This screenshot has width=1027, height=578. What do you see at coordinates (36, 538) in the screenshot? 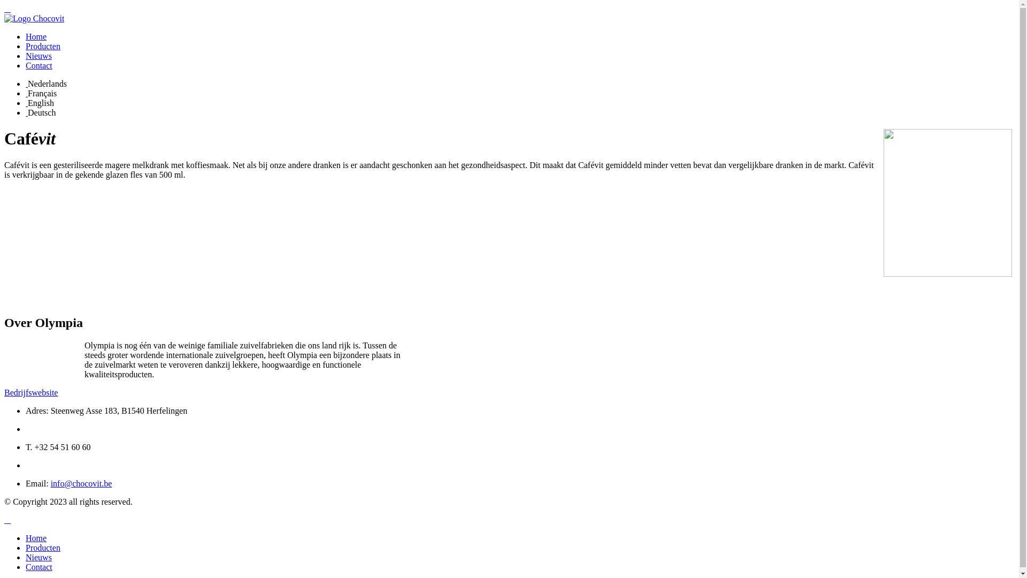
I see `'Home'` at bounding box center [36, 538].